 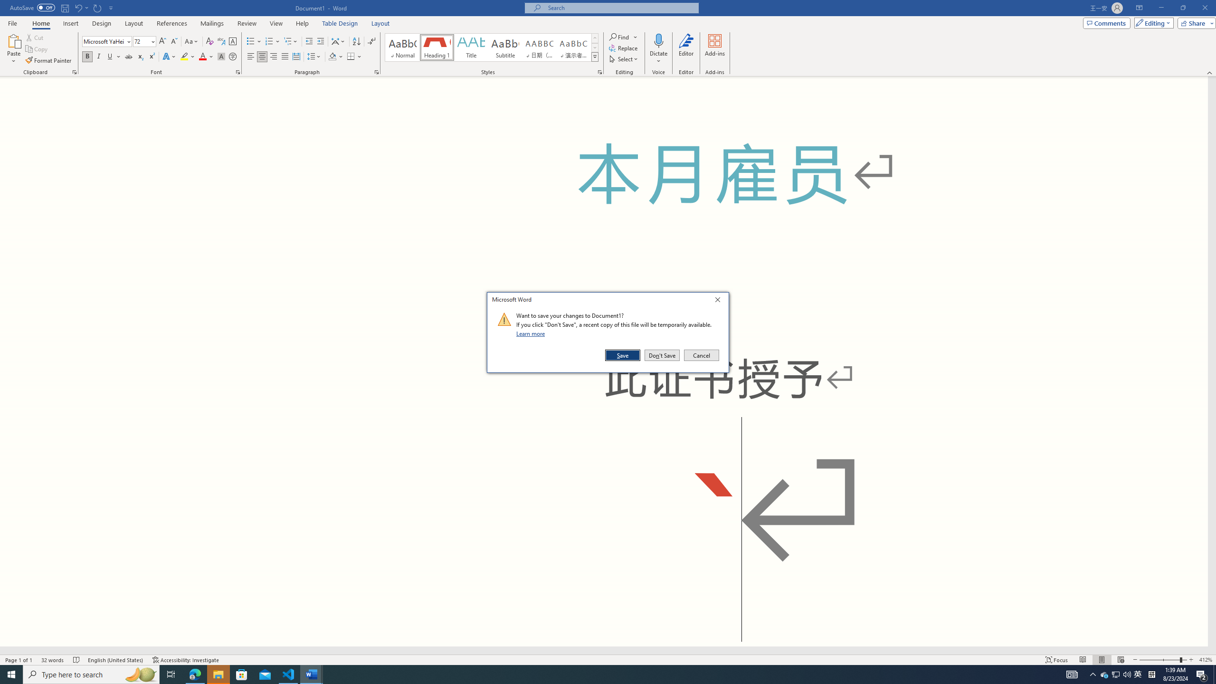 I want to click on 'Learn more', so click(x=532, y=333).